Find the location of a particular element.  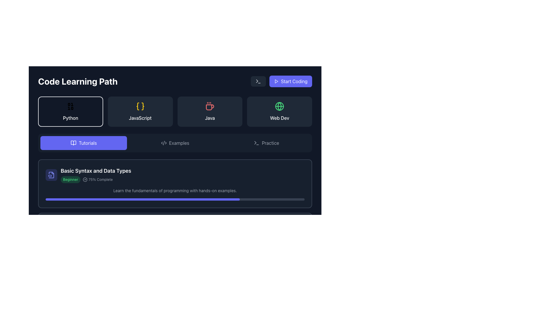

the button located in the horizontal row containing 'Tutorials', 'Examples', and 'Practice' is located at coordinates (174, 143).